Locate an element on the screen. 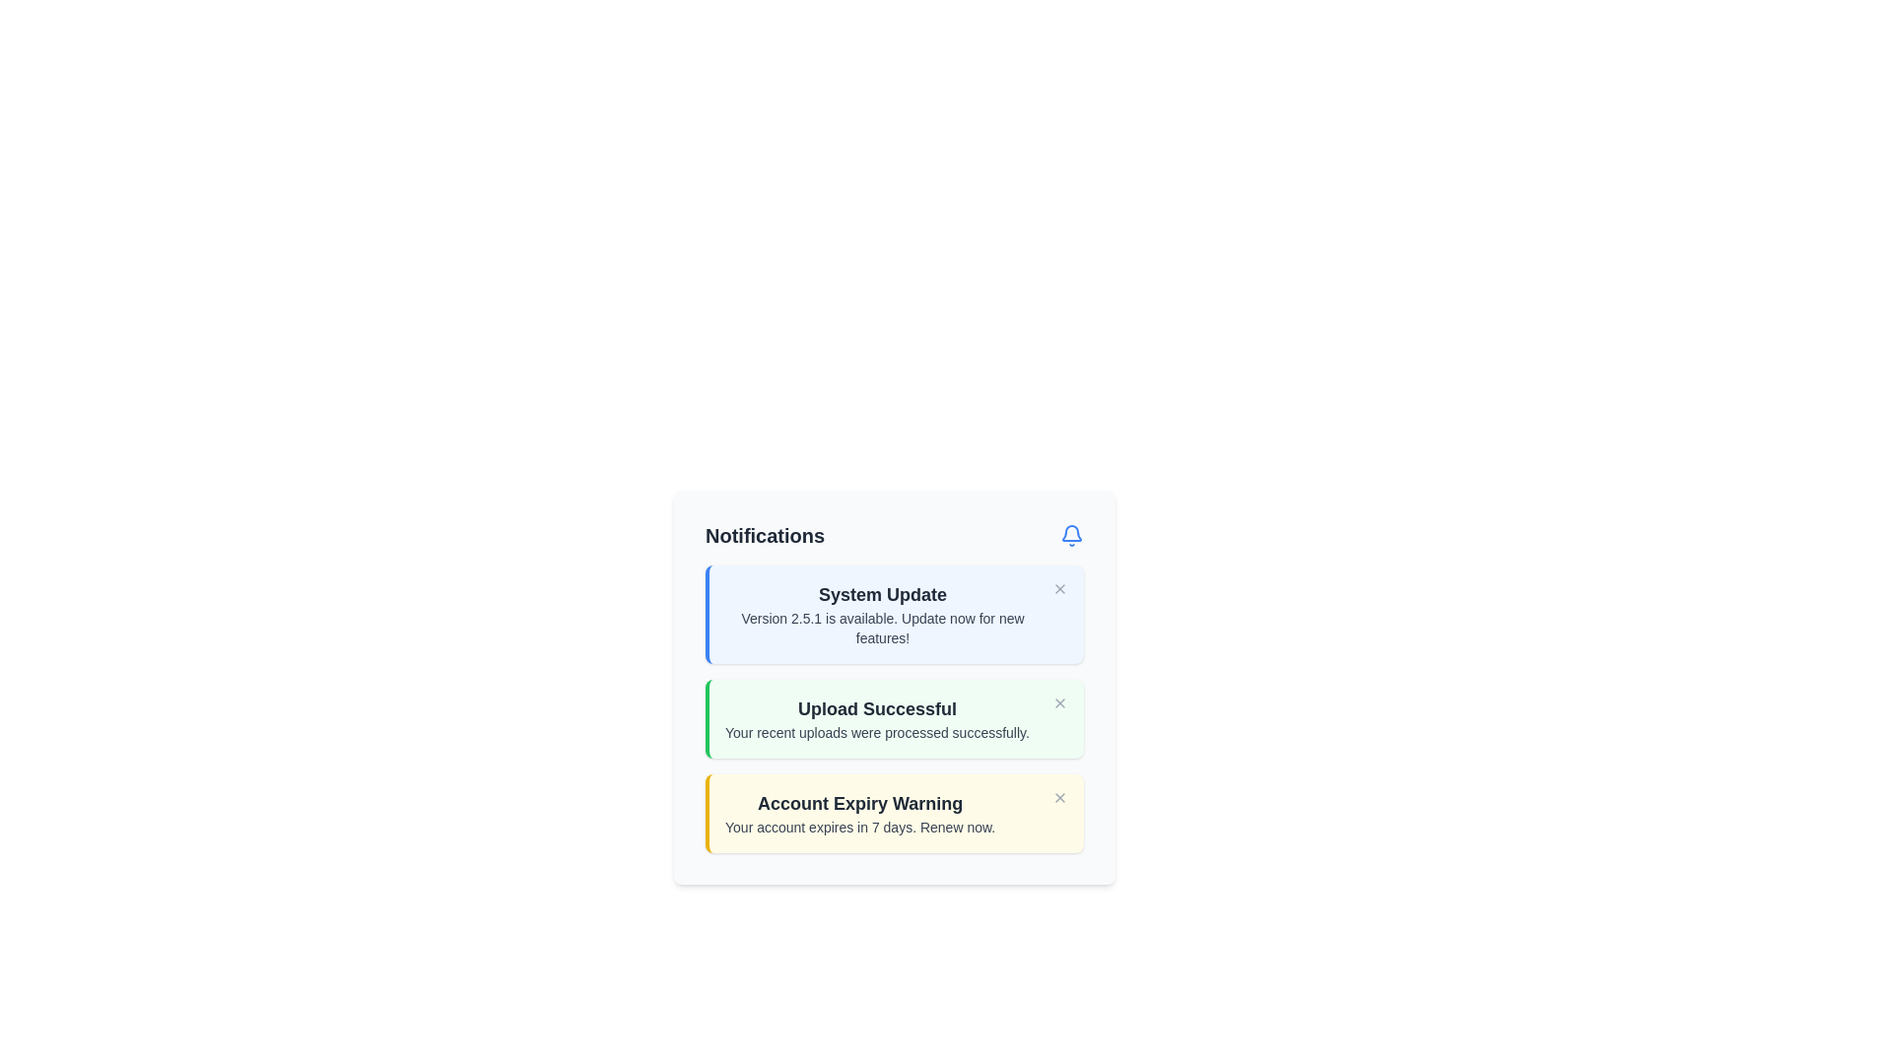  the Notification alert component that displays 'Upload Successful' with a light green background and contains a smaller message about recent uploads is located at coordinates (876, 718).